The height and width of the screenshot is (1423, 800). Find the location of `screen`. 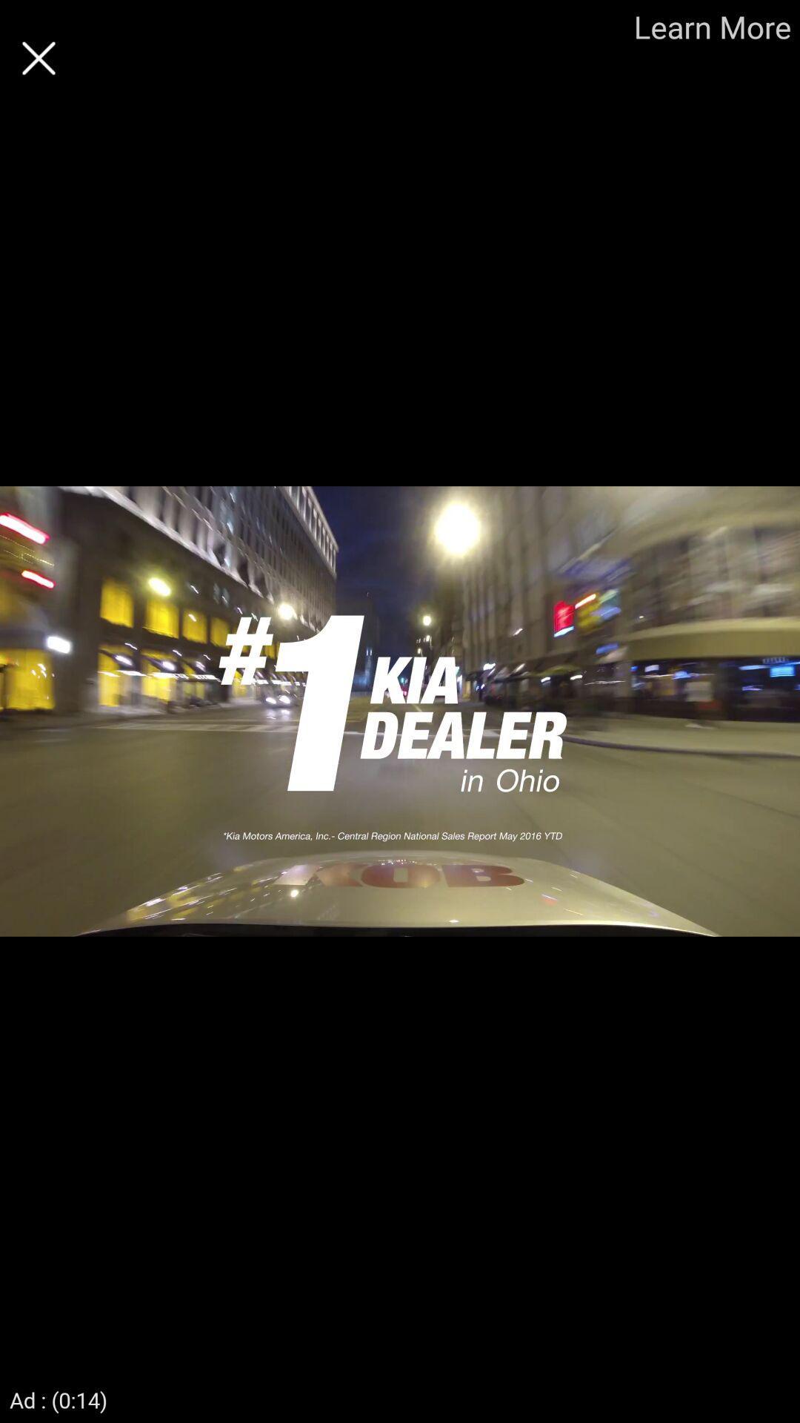

screen is located at coordinates (38, 58).